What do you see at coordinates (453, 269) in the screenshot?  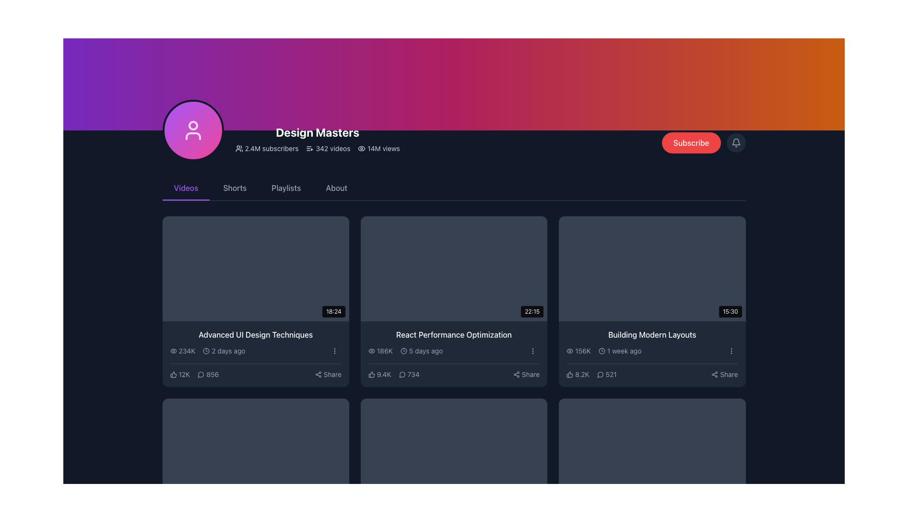 I see `the play button located at the center of the second card in the first row under the 'Videos' tab` at bounding box center [453, 269].